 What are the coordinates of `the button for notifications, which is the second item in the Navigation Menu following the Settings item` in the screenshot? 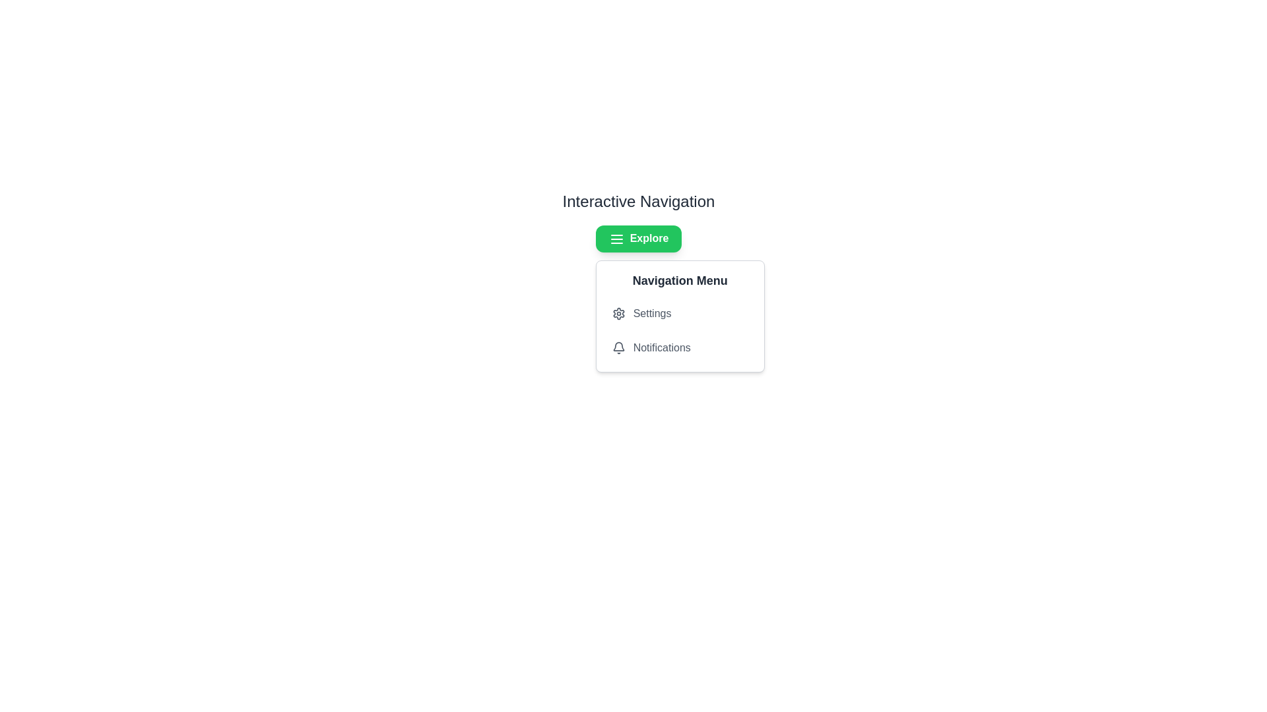 It's located at (680, 347).